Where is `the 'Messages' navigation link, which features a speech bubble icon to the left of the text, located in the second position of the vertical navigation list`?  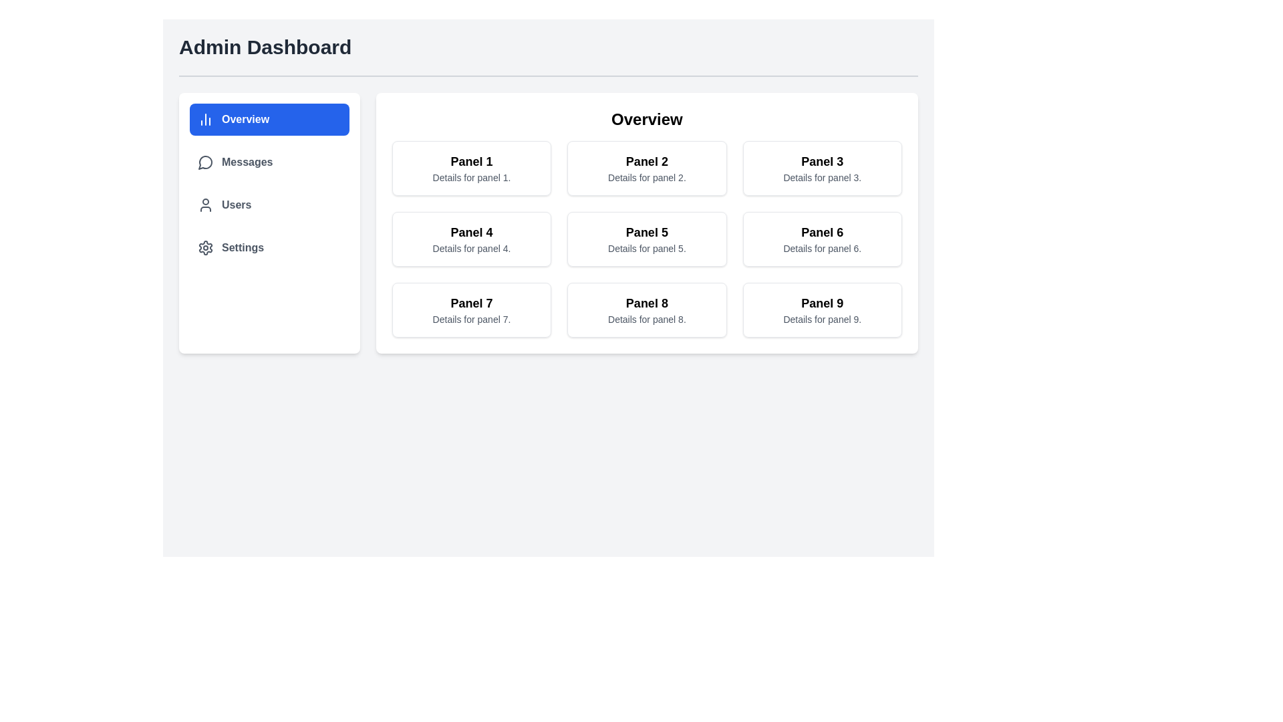
the 'Messages' navigation link, which features a speech bubble icon to the left of the text, located in the second position of the vertical navigation list is located at coordinates (269, 162).